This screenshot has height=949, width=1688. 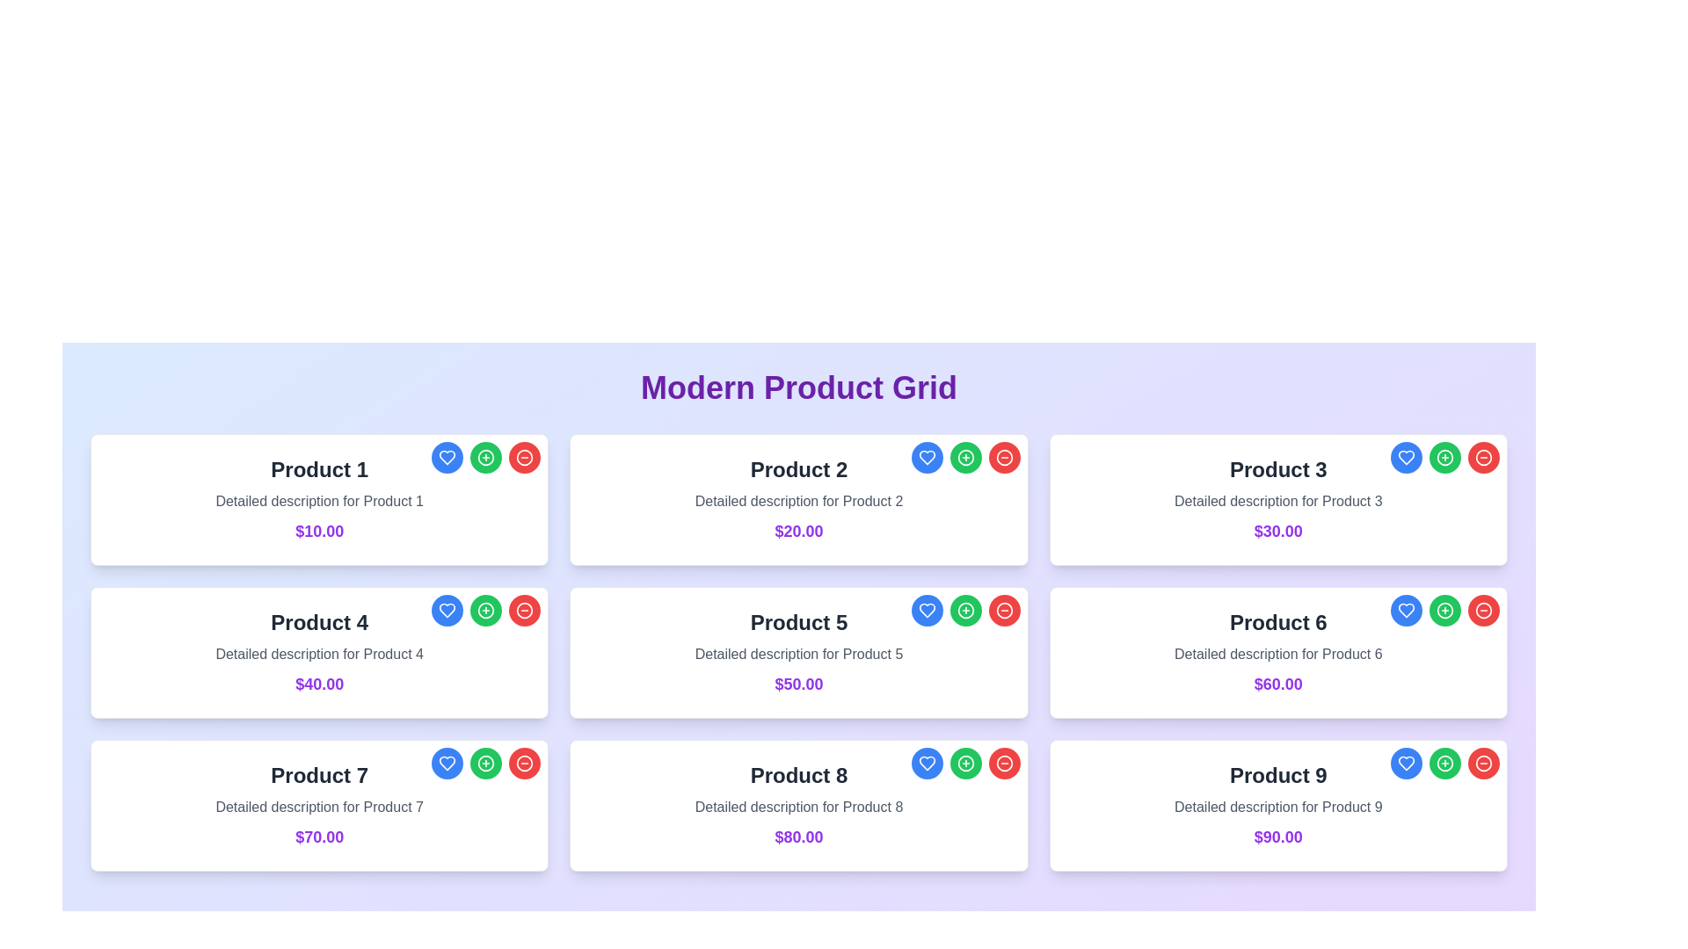 What do you see at coordinates (1004, 456) in the screenshot?
I see `the circular red button with a white minus sign icon at the top-right corner of the card for 'Product 2' to invoke its action` at bounding box center [1004, 456].